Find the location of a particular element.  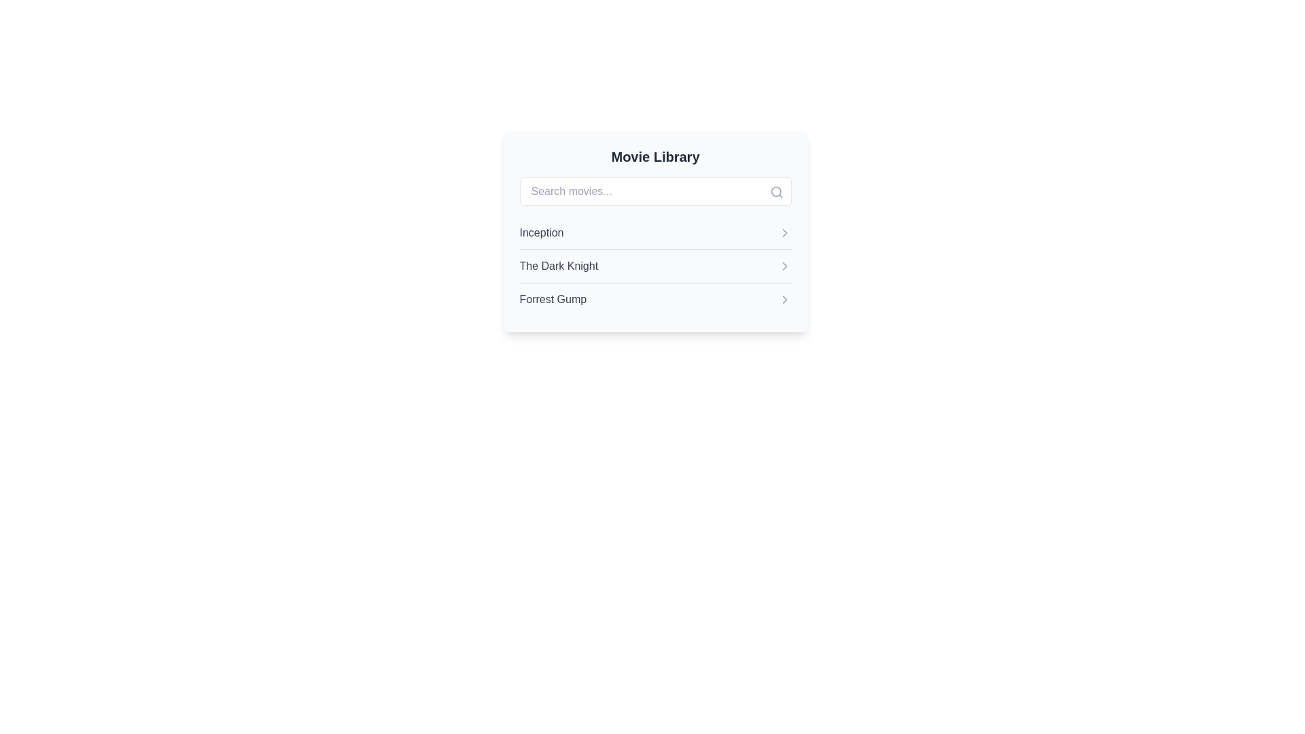

the second list item in the 'Movie Library' titled 'The Dark Knight' is located at coordinates (655, 266).